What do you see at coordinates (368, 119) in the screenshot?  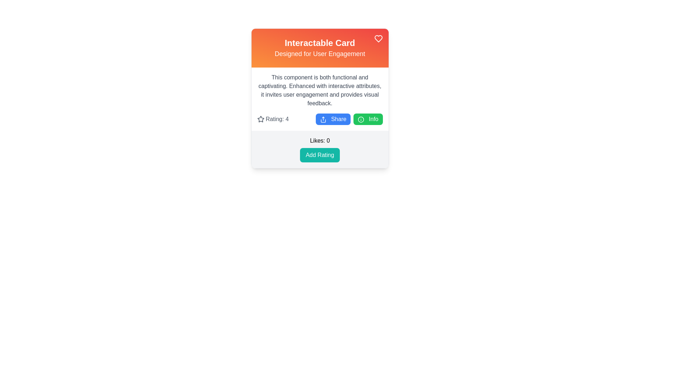 I see `the green 'Info' button with white text and an 'i' icon, located to the right of the blue 'Share' button` at bounding box center [368, 119].